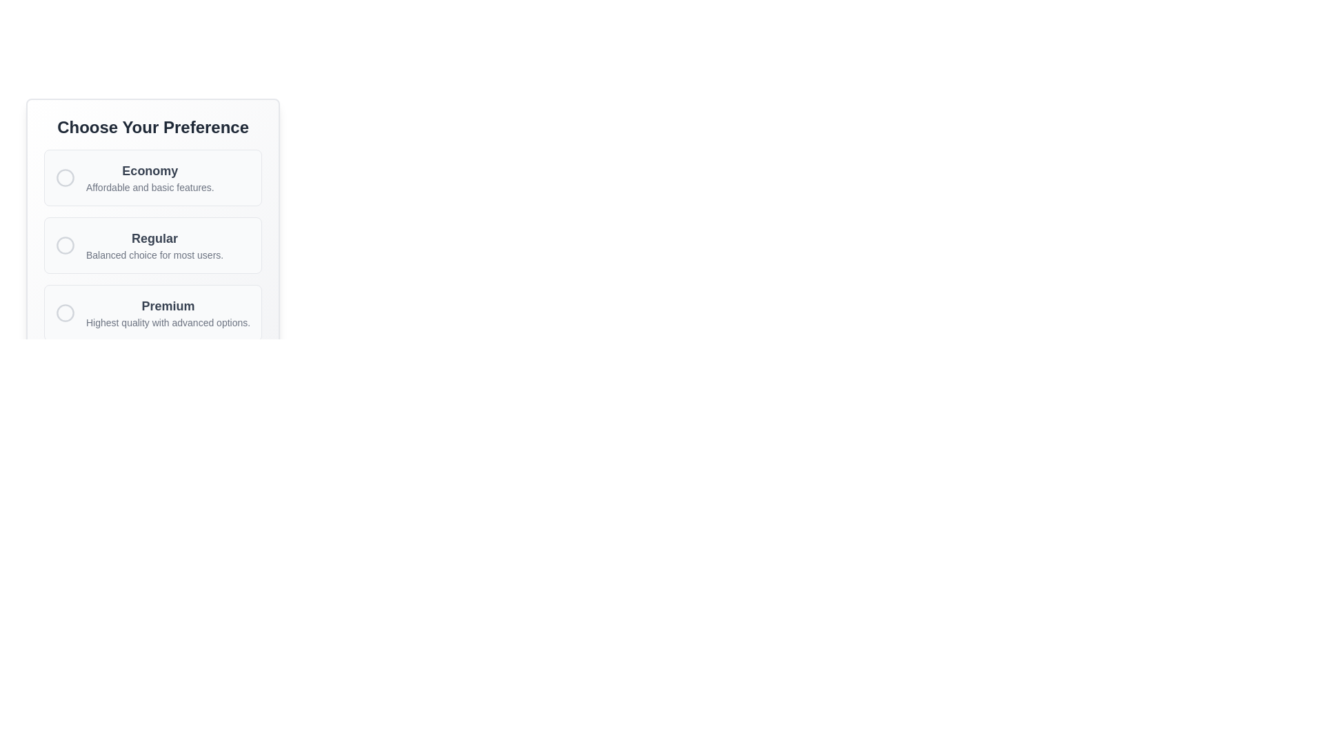 The height and width of the screenshot is (745, 1324). What do you see at coordinates (168, 305) in the screenshot?
I see `the 'Premium' label, which serves as the title for the high-quality selection option, located above the descriptive text and below the overall title in the interface` at bounding box center [168, 305].